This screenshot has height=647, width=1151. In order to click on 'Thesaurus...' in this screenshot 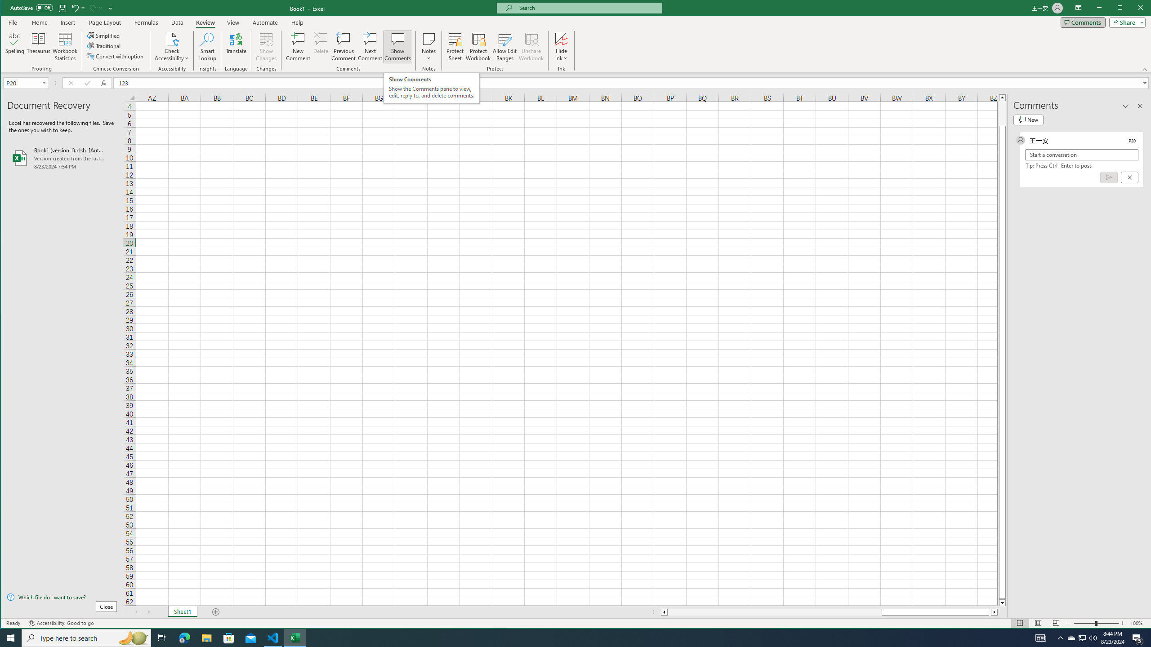, I will do `click(38, 46)`.